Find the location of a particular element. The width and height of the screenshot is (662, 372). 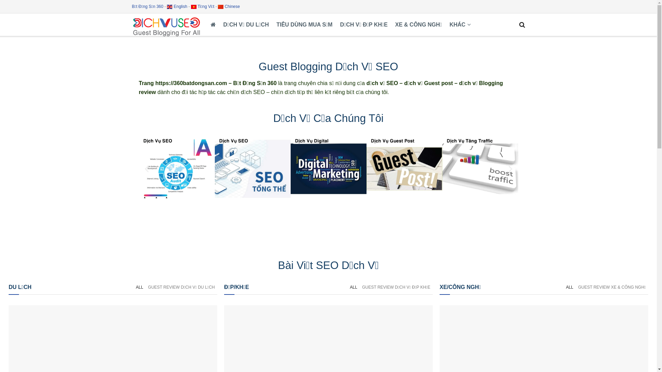

'ALL' is located at coordinates (139, 287).